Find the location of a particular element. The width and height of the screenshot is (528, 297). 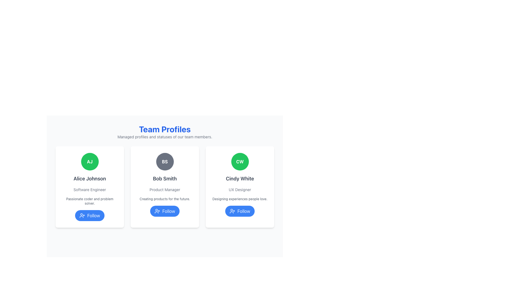

the profile card representing user 'Bob Smith', which includes a 'Follow' button at the bottom of the card is located at coordinates (164, 186).